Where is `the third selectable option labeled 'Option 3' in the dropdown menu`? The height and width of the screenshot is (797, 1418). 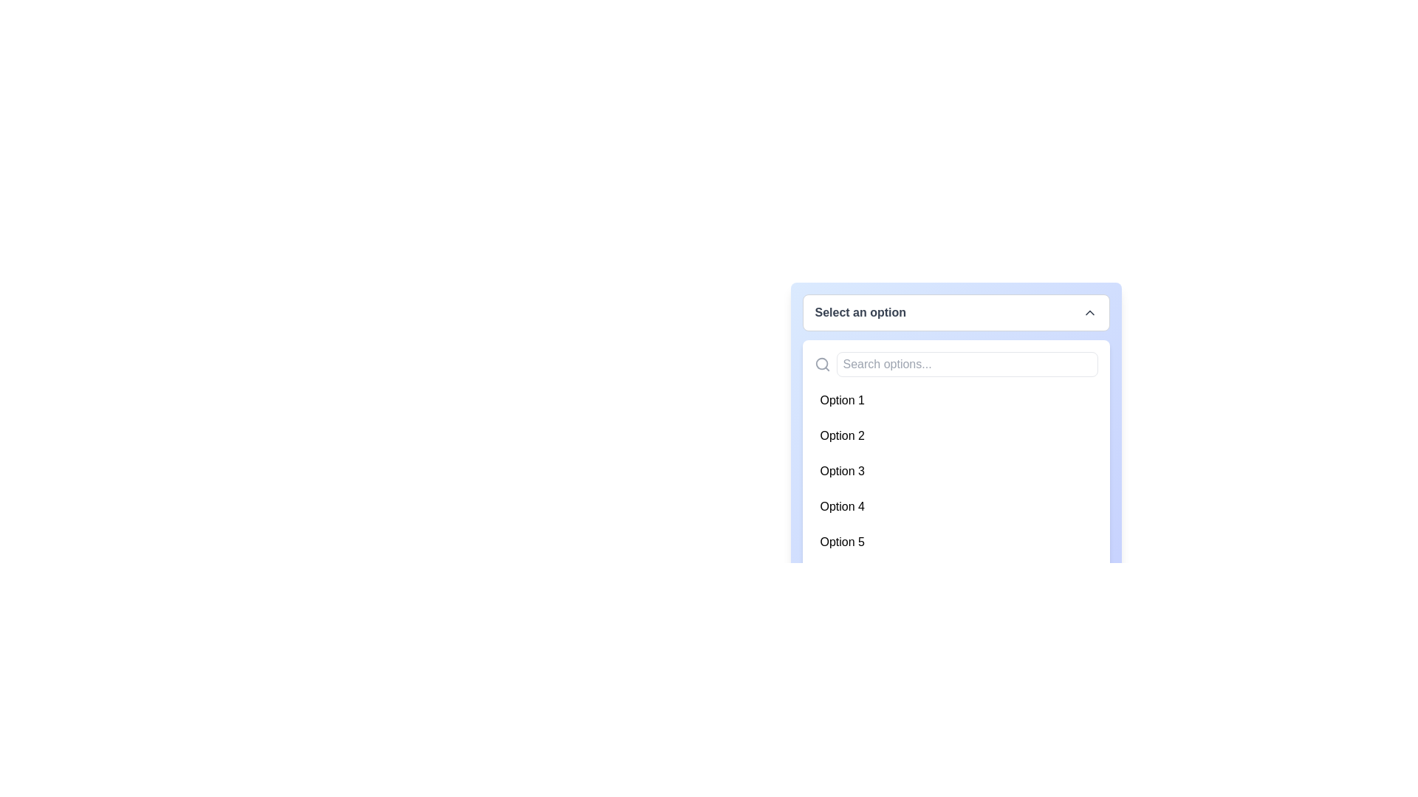 the third selectable option labeled 'Option 3' in the dropdown menu is located at coordinates (956, 472).